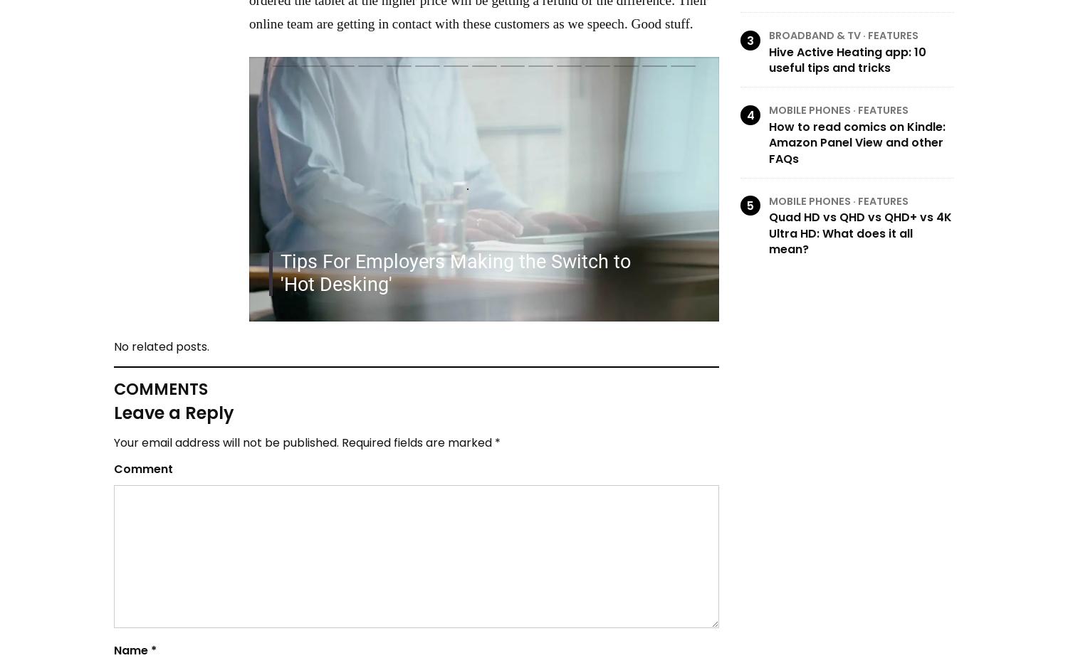 The image size is (1068, 658). Describe the element at coordinates (416, 442) in the screenshot. I see `'Required fields are marked'` at that location.